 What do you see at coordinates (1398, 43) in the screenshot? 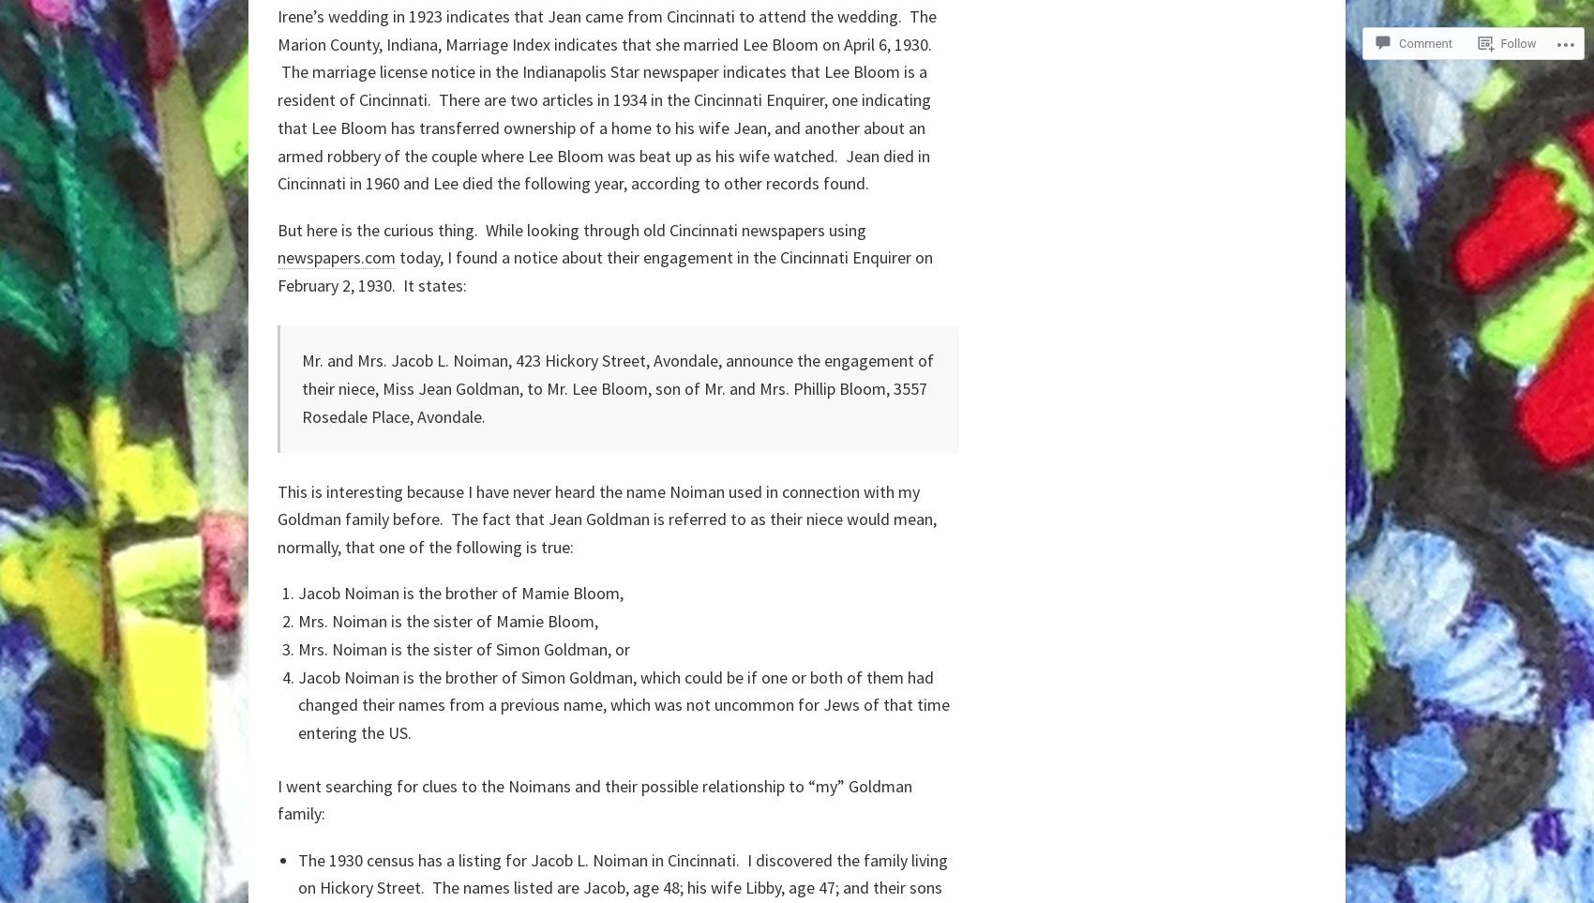
I see `'Comment'` at bounding box center [1398, 43].